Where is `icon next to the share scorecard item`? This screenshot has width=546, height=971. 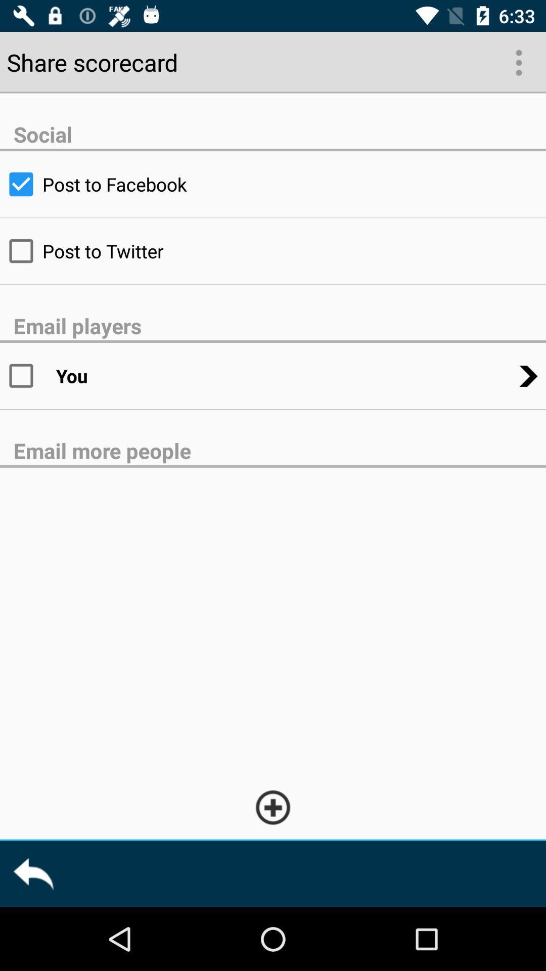 icon next to the share scorecard item is located at coordinates (518, 61).